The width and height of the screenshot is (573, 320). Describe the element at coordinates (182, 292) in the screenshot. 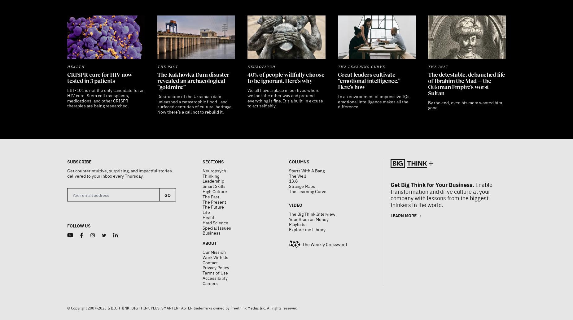

I see `'© Copyright 2007-2023 & BIG THINK, BIG THINK PLUS, SMARTER FASTER trademarks owned by Freethink Media, Inc. All rights reserved.'` at that location.